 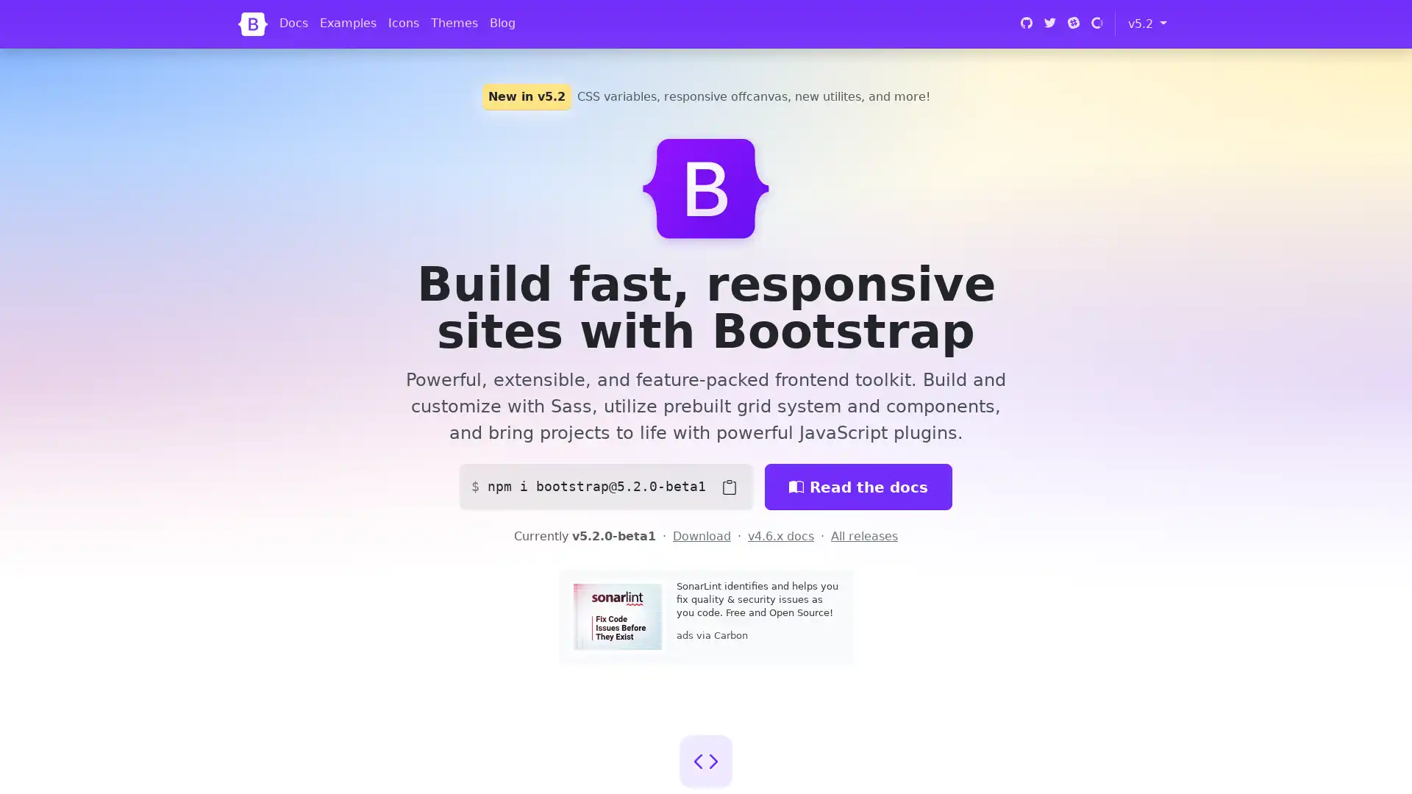 I want to click on v5.2, so click(x=1147, y=24).